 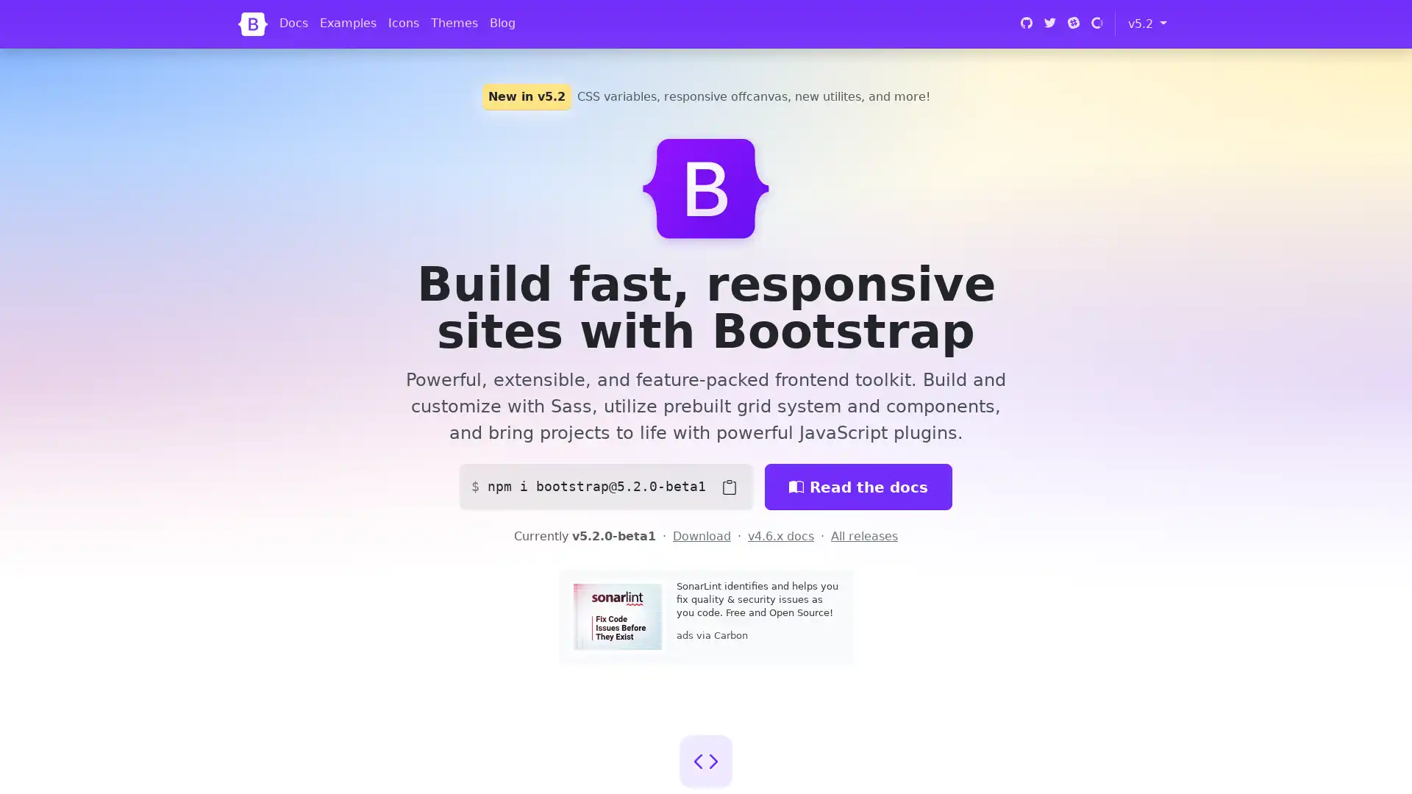 I want to click on v5.2, so click(x=1147, y=24).